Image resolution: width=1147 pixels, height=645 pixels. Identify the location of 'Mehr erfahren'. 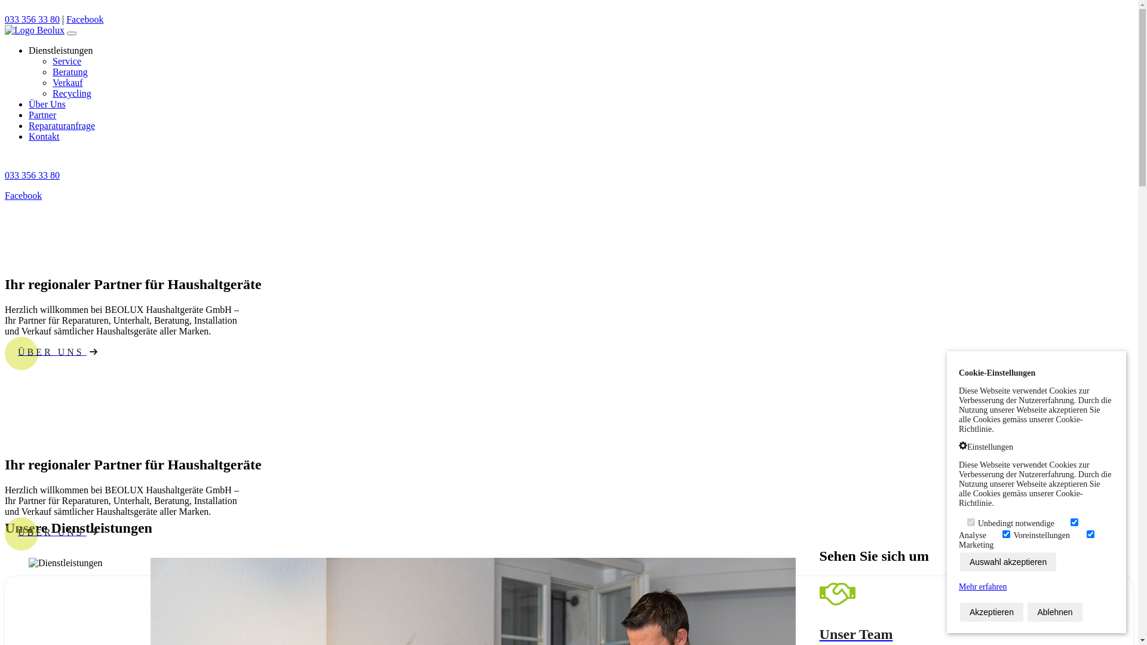
(983, 586).